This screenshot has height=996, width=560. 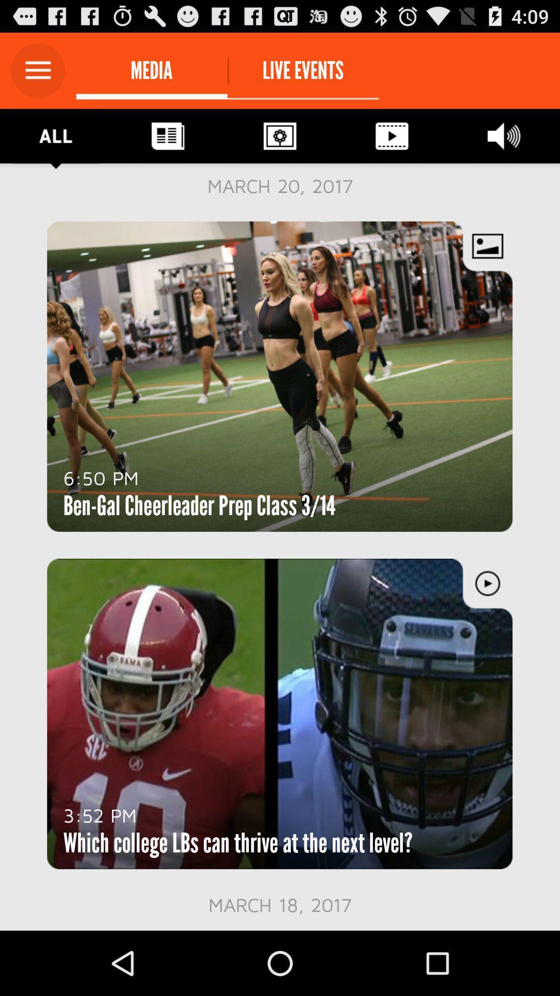 I want to click on the first video below march 20 2017, so click(x=280, y=376).